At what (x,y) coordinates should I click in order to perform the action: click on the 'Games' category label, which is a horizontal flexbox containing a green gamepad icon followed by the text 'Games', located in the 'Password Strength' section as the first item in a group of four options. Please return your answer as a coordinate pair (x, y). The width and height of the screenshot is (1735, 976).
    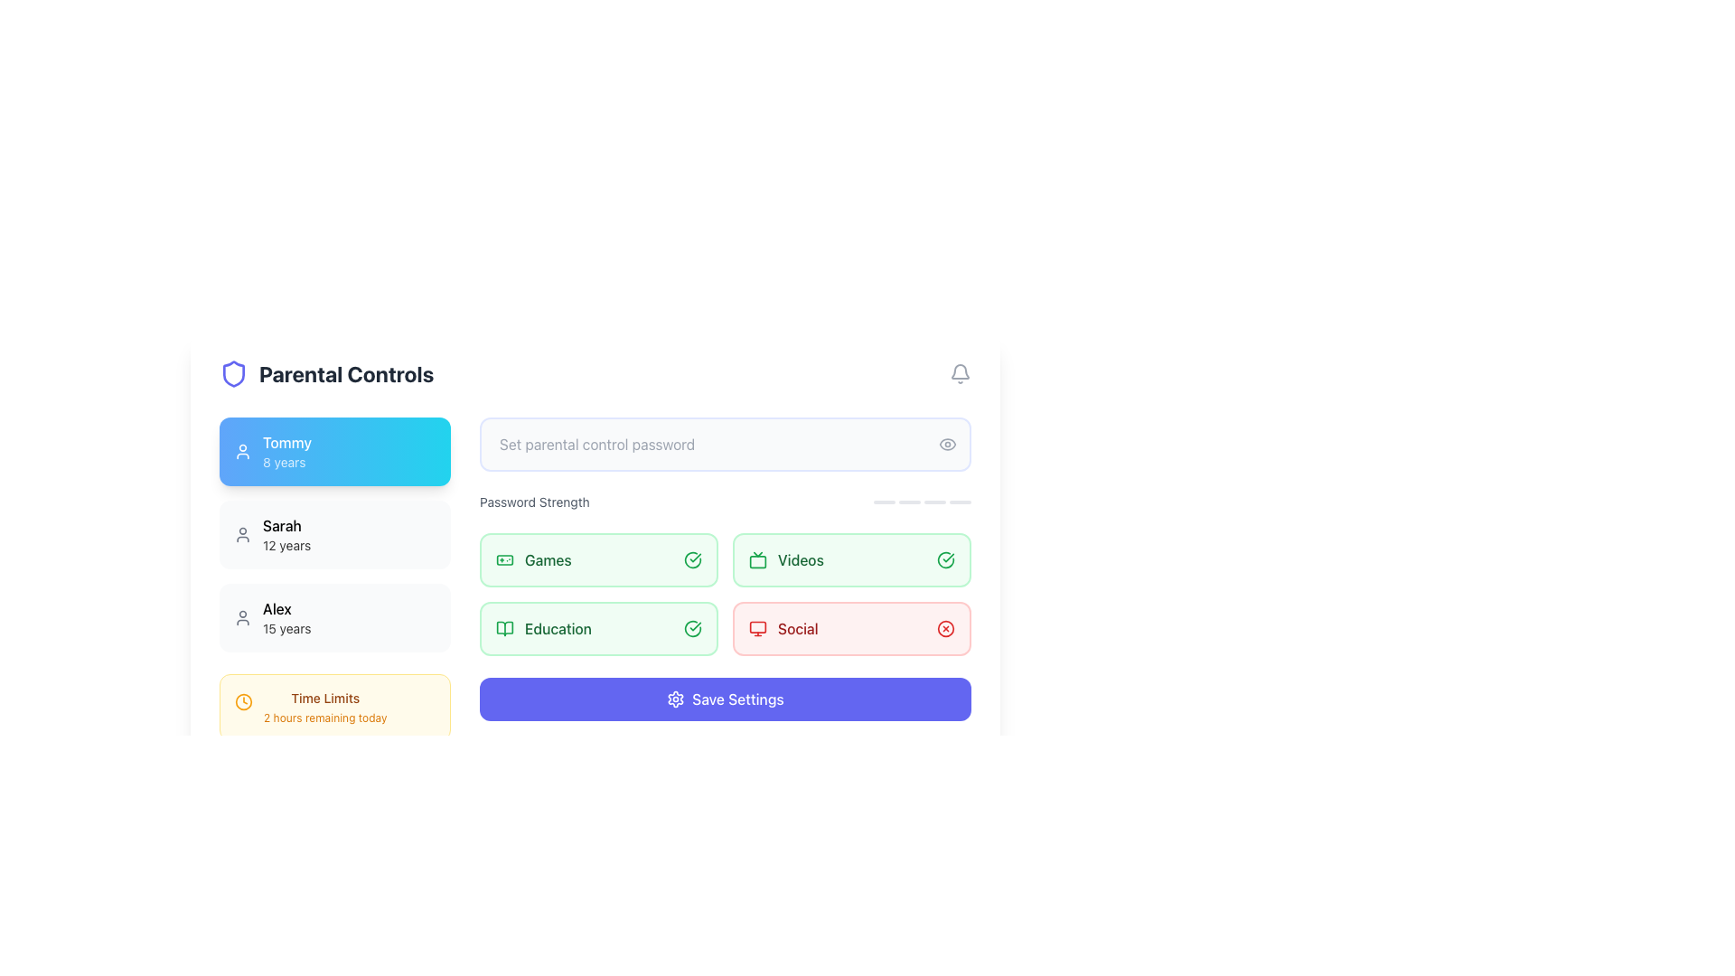
    Looking at the image, I should click on (532, 559).